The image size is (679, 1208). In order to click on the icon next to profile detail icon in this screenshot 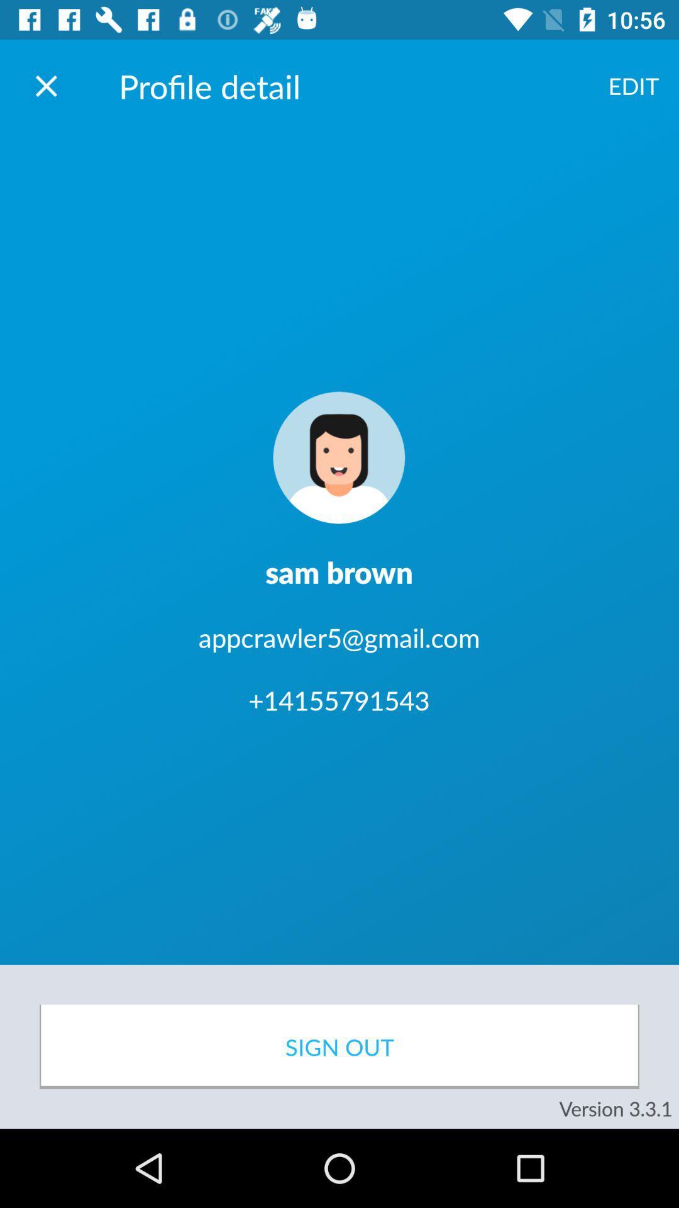, I will do `click(45, 85)`.